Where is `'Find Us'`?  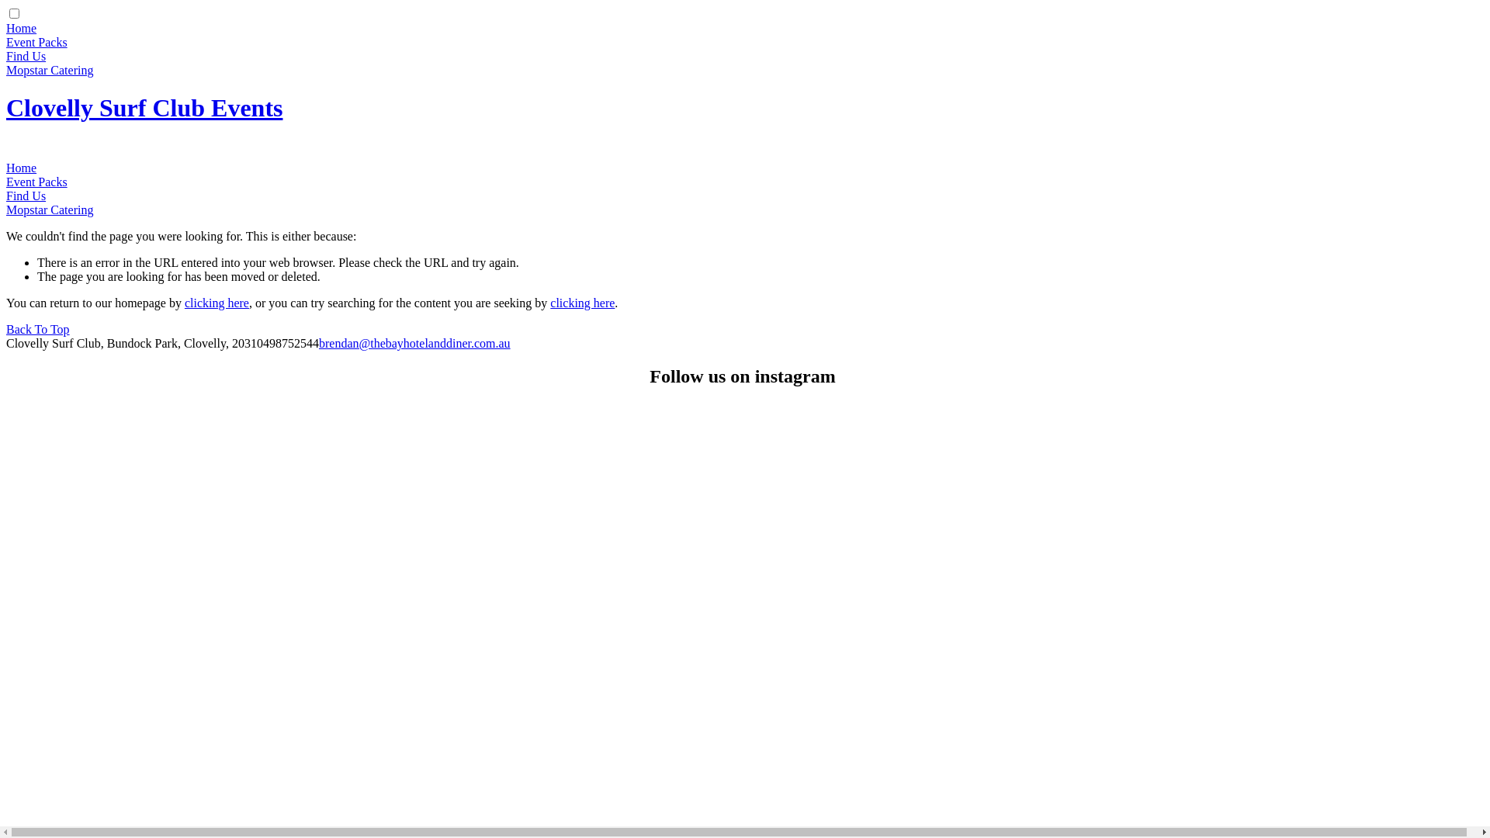
'Find Us' is located at coordinates (6, 195).